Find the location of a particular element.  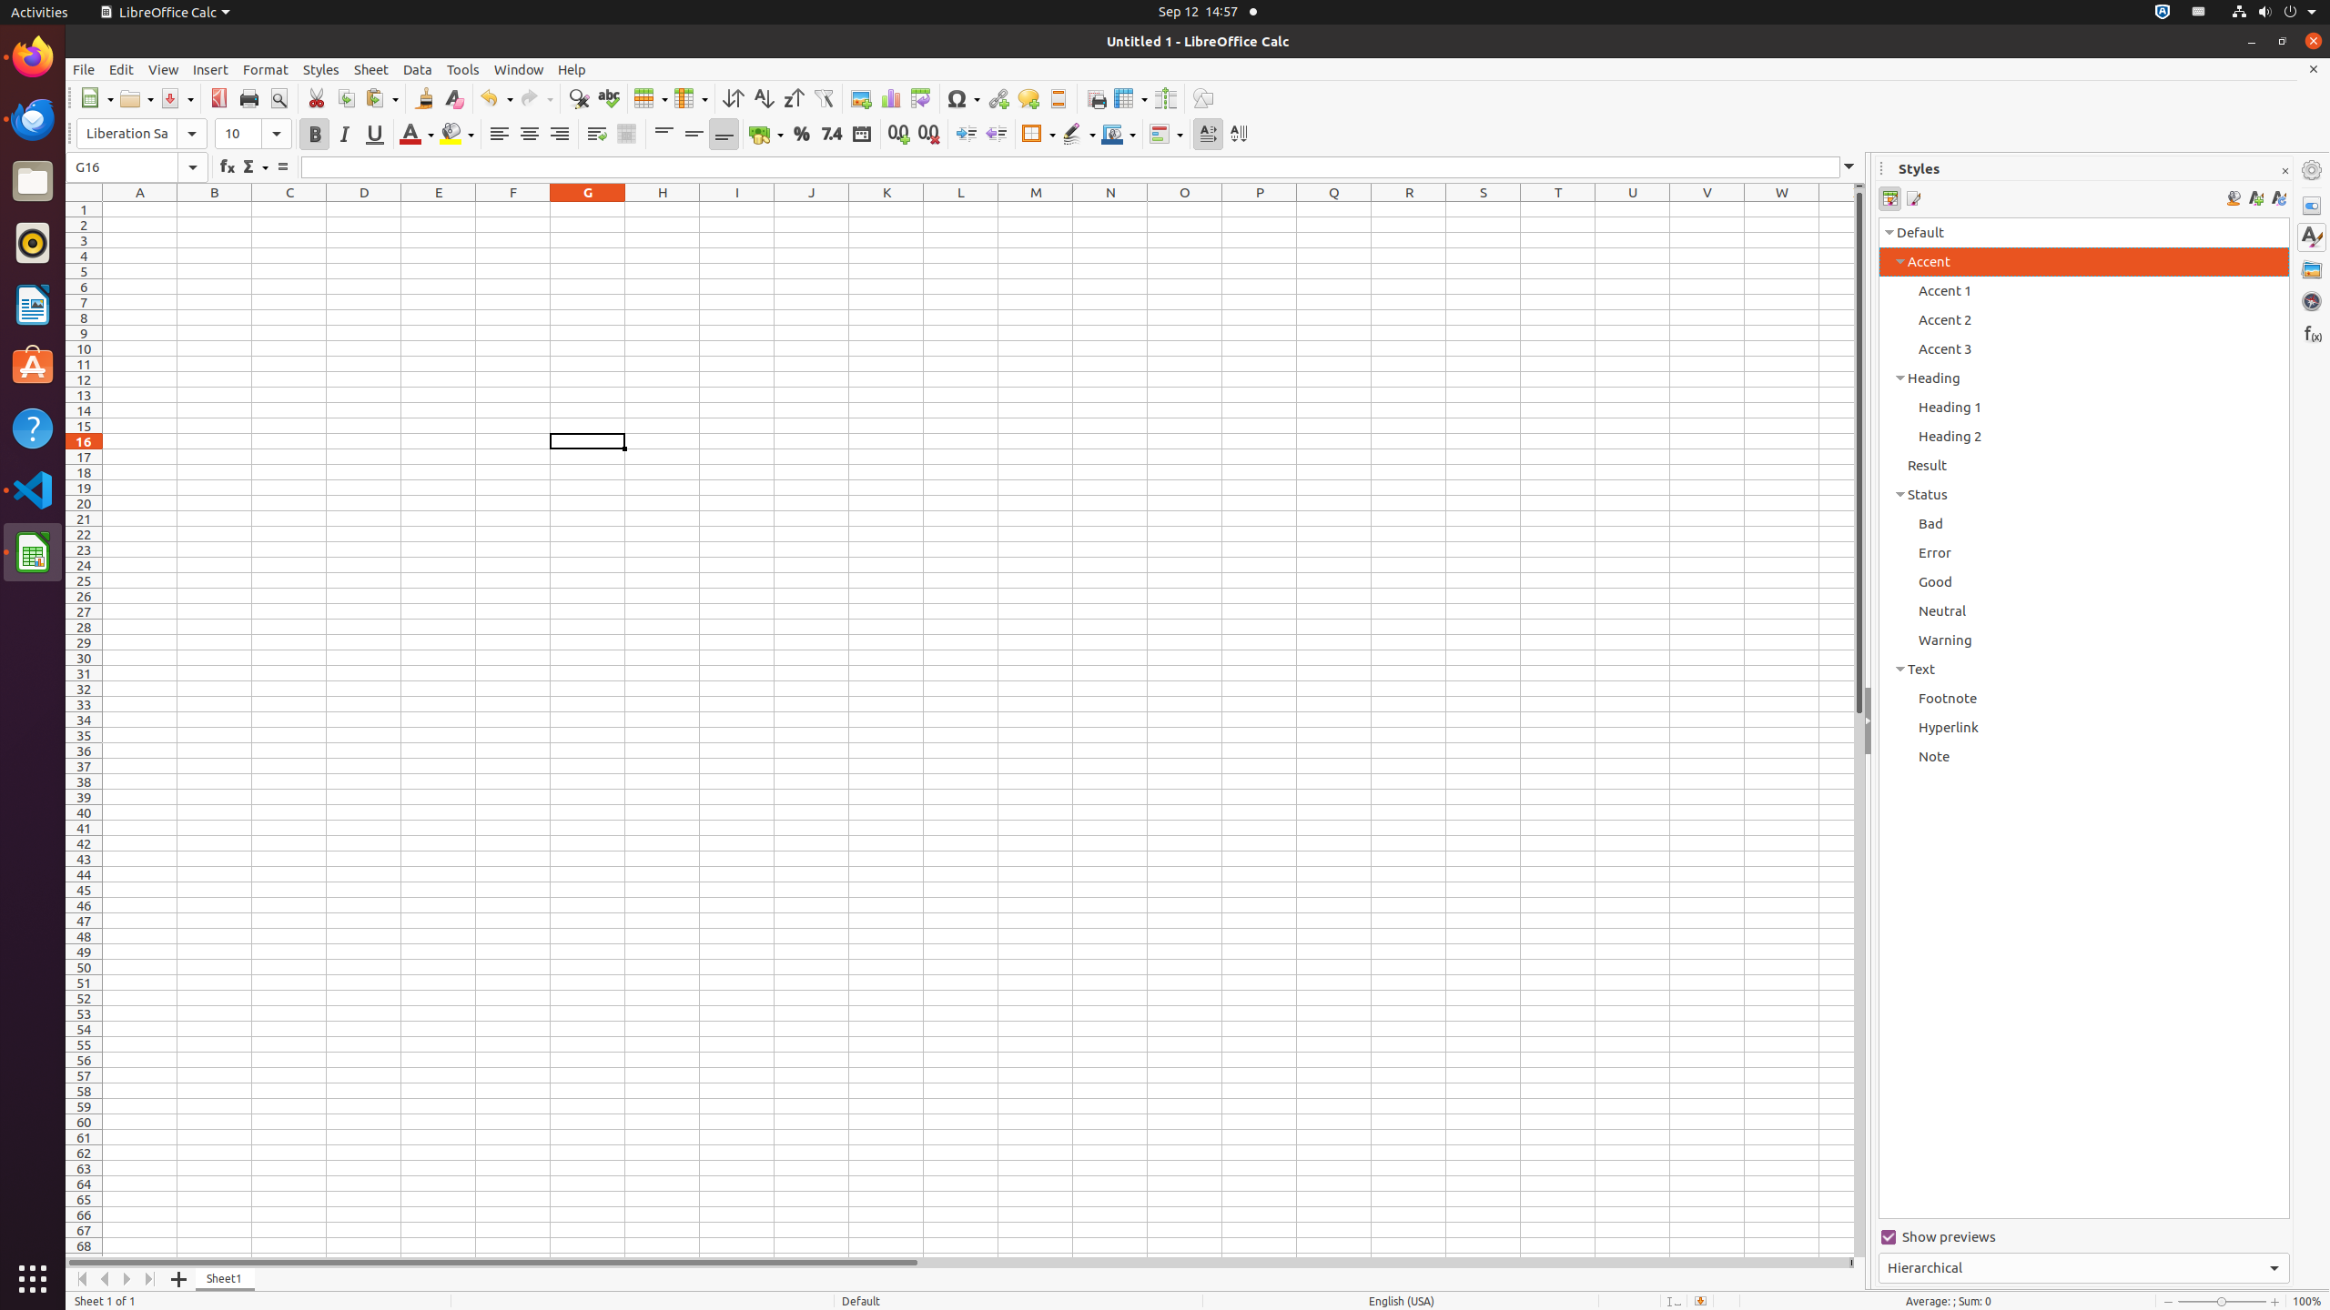

'Font Size' is located at coordinates (252, 133).